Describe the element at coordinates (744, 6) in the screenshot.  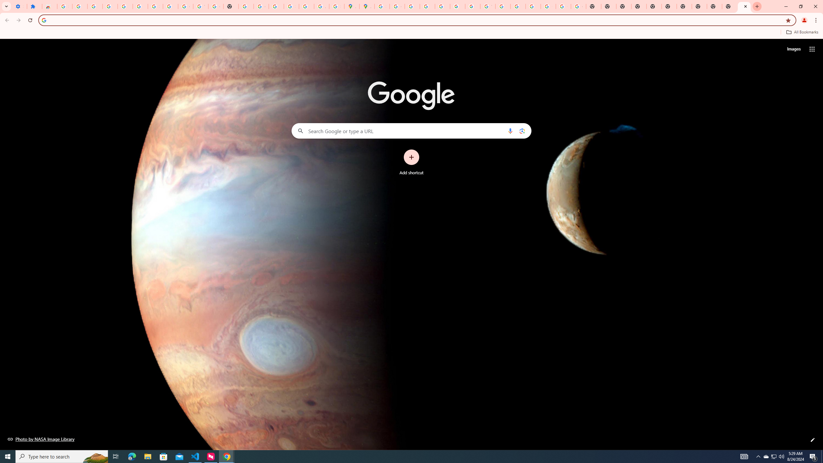
I see `'New Tab'` at that location.